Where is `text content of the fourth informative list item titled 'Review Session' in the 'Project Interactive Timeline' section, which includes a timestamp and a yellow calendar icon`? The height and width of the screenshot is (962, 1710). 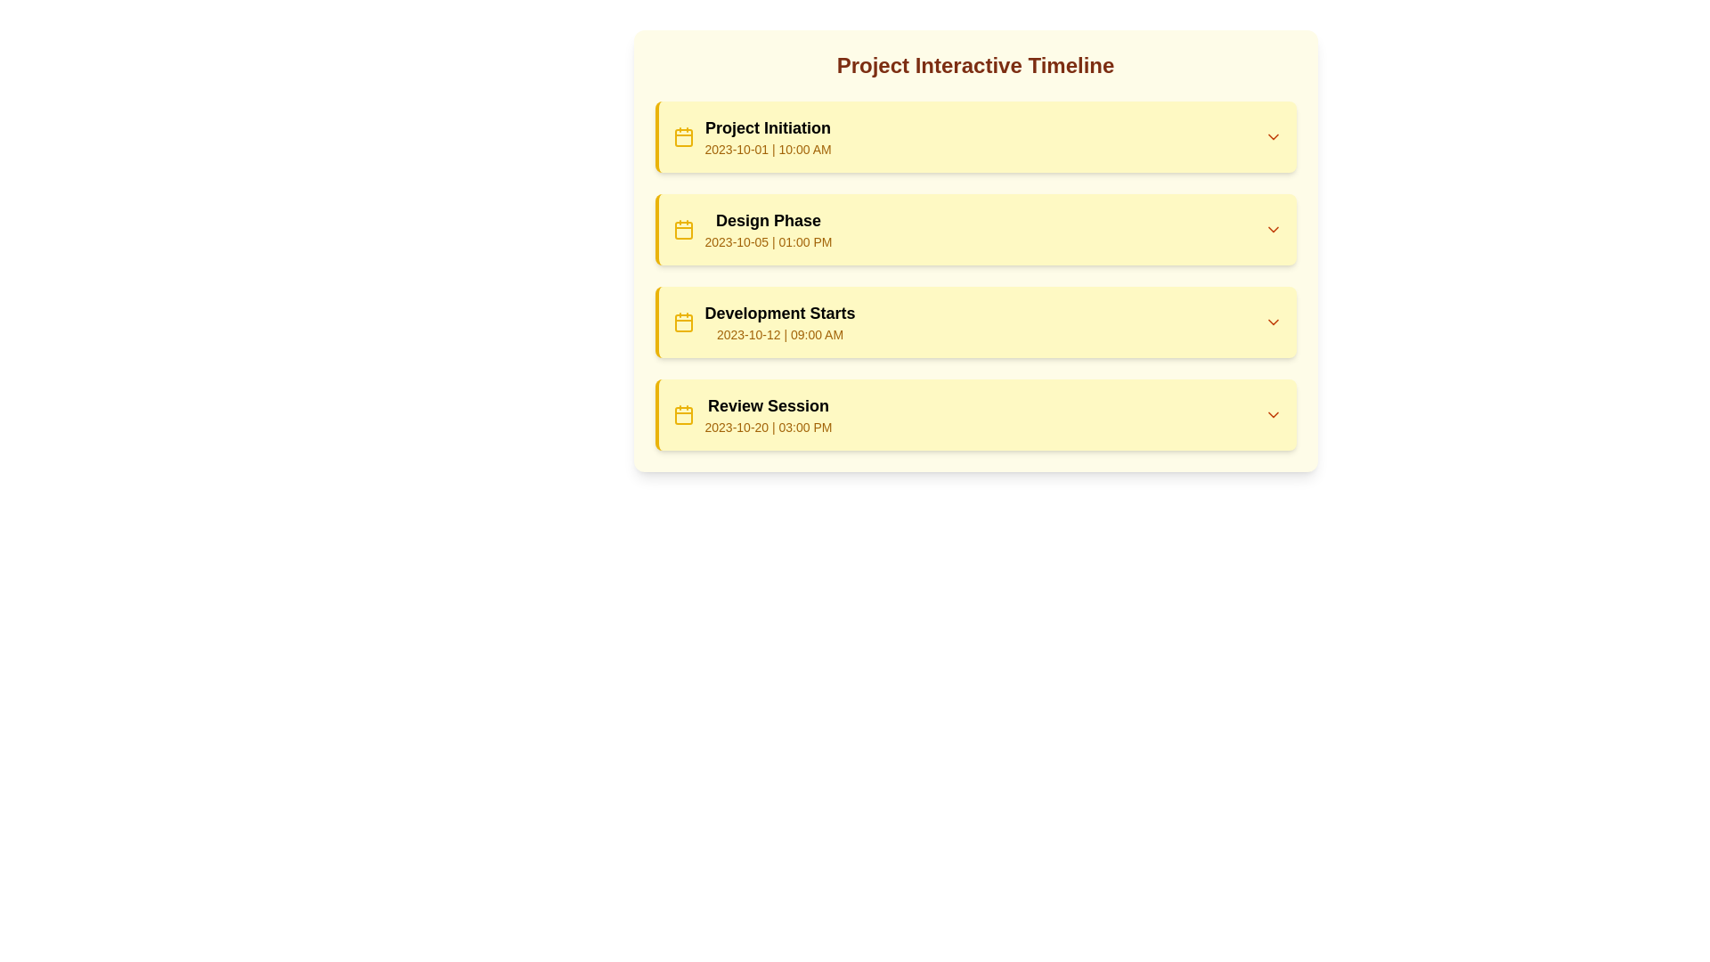
text content of the fourth informative list item titled 'Review Session' in the 'Project Interactive Timeline' section, which includes a timestamp and a yellow calendar icon is located at coordinates (752, 415).